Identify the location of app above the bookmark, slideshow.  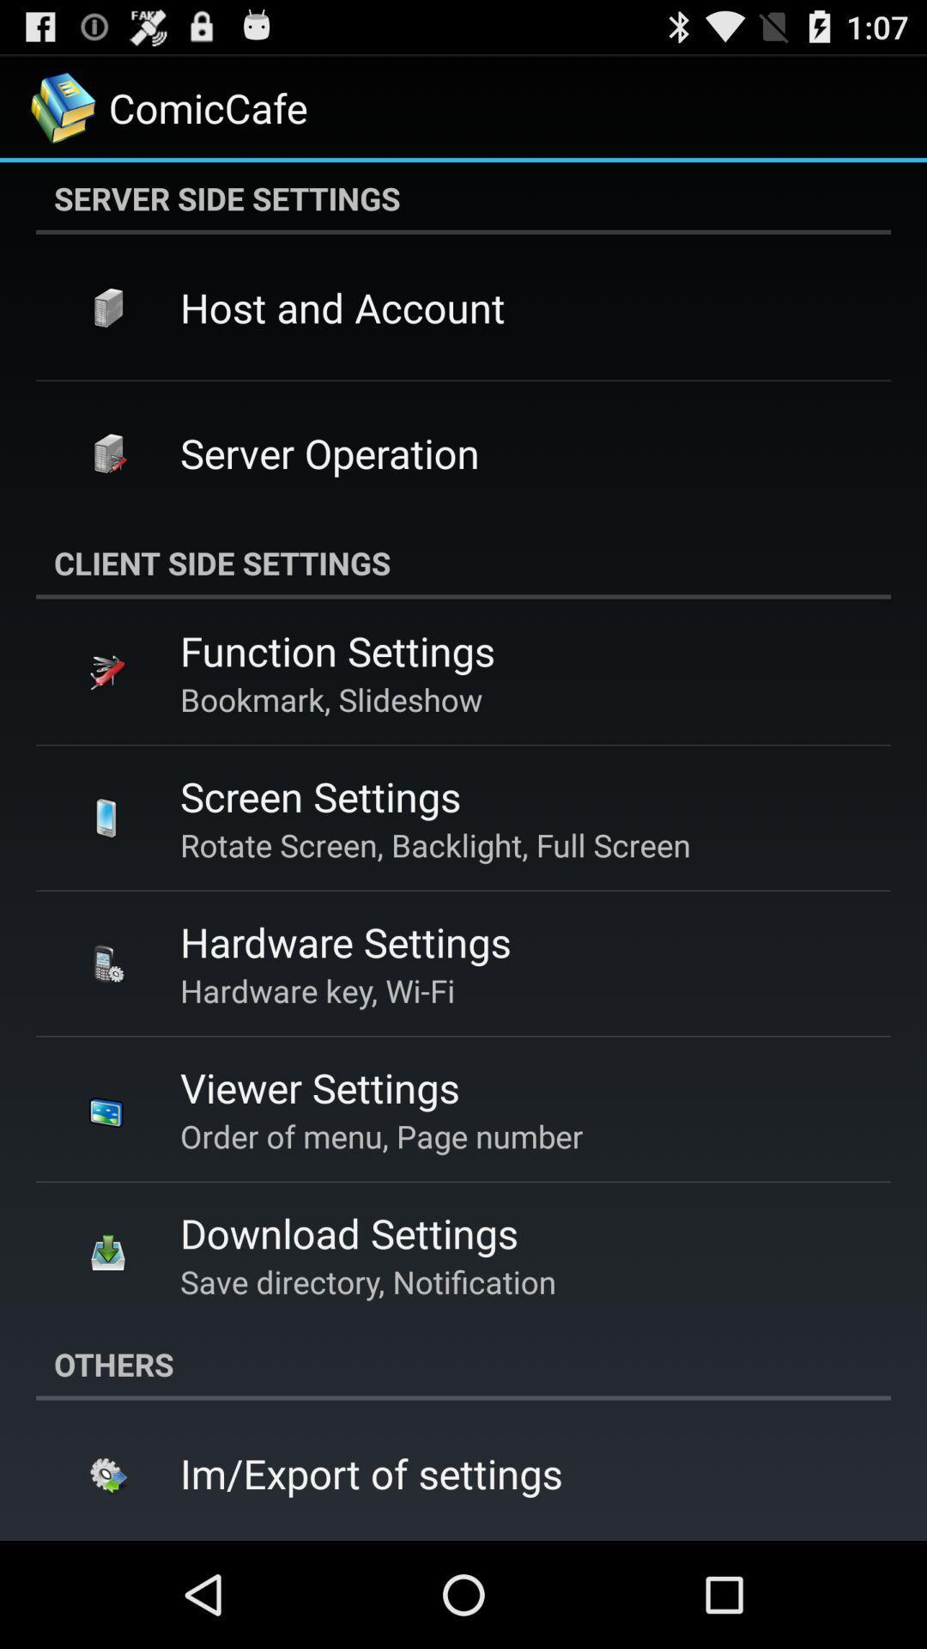
(337, 649).